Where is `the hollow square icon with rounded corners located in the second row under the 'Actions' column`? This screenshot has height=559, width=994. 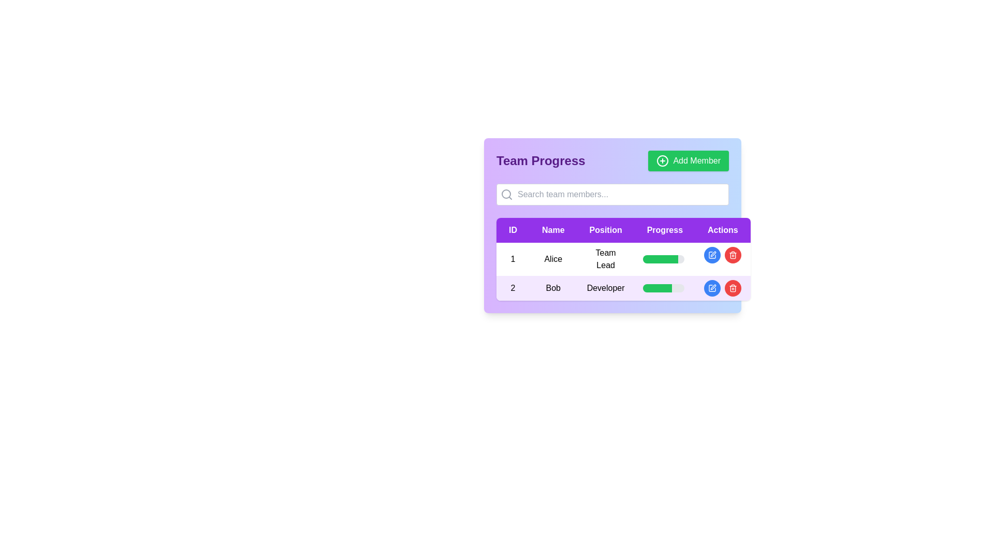
the hollow square icon with rounded corners located in the second row under the 'Actions' column is located at coordinates (712, 255).